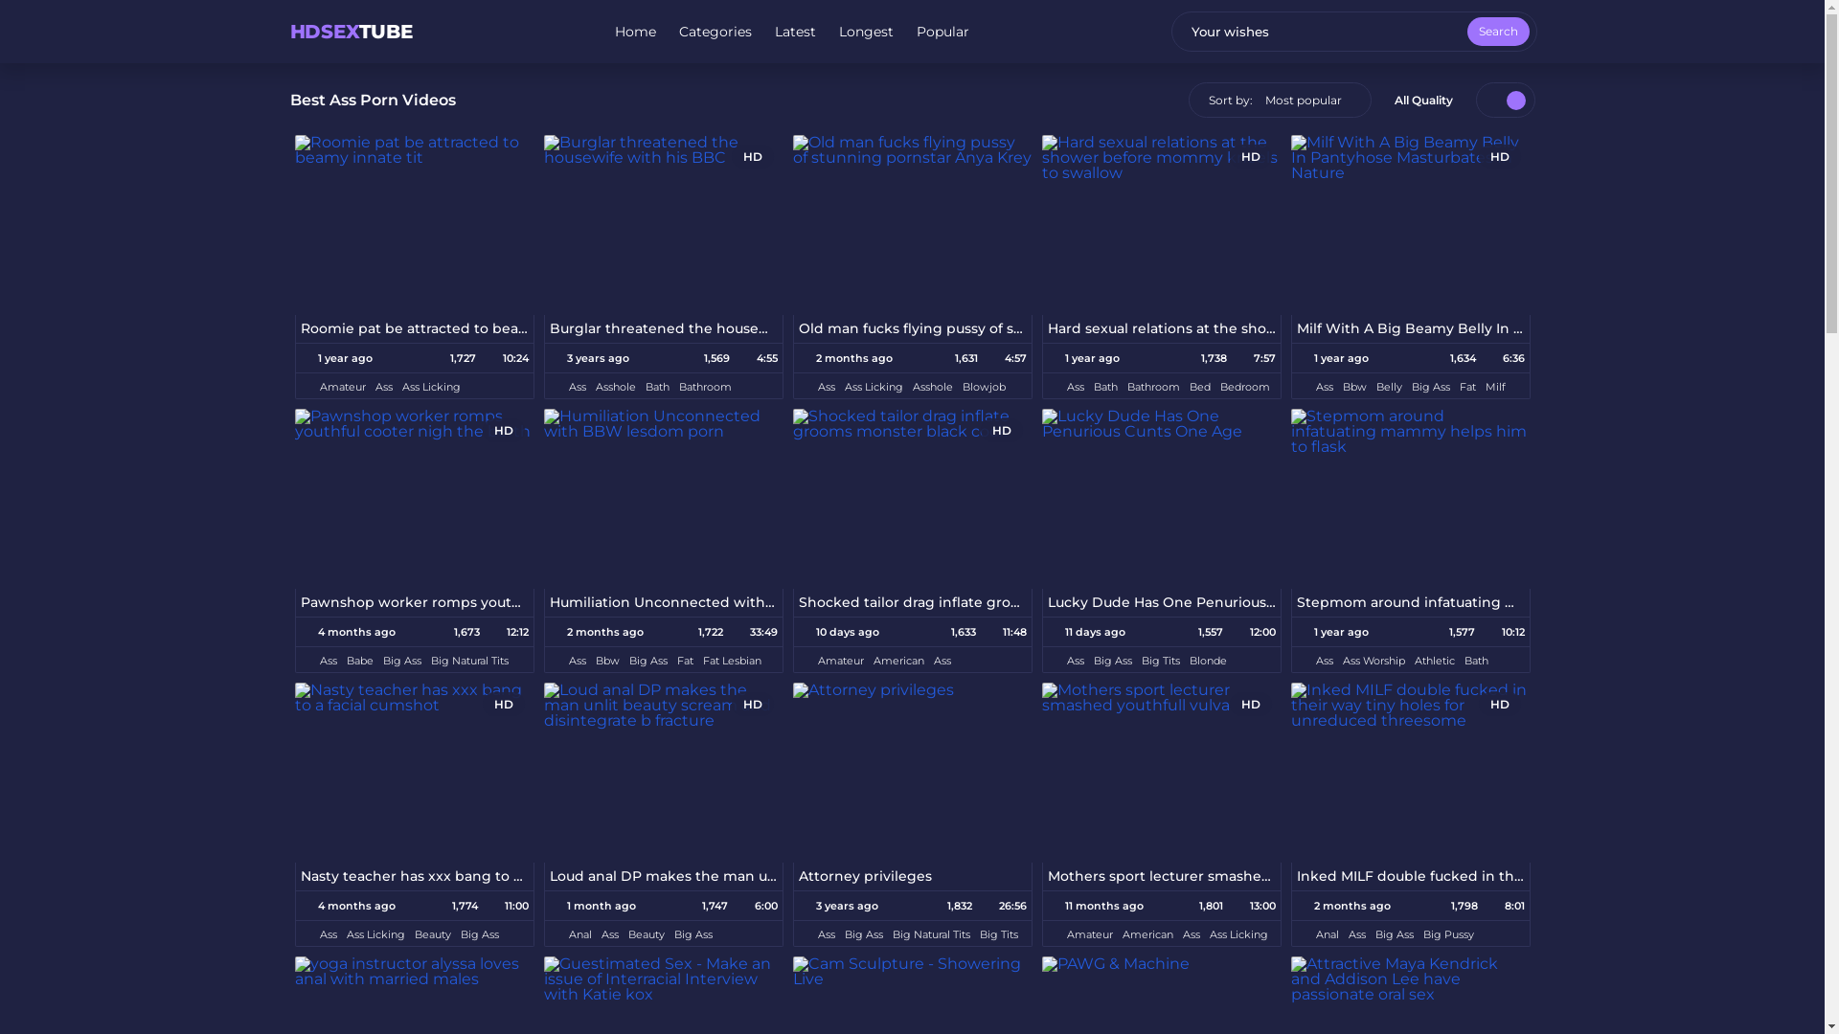 The height and width of the screenshot is (1034, 1839). What do you see at coordinates (897, 660) in the screenshot?
I see `'American'` at bounding box center [897, 660].